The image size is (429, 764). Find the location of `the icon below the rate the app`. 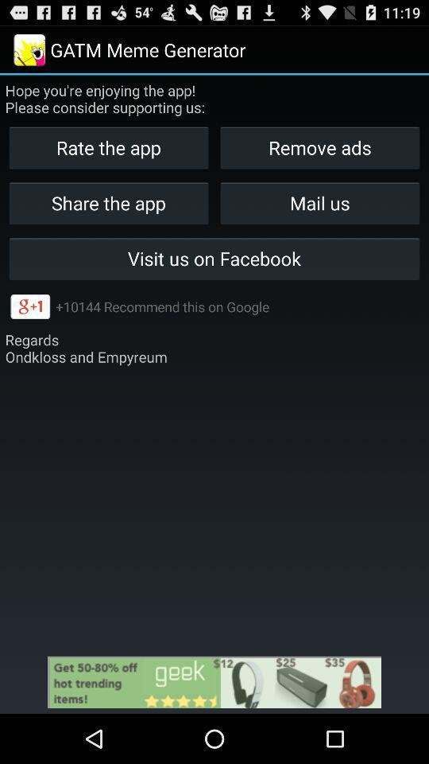

the icon below the rate the app is located at coordinates (319, 202).